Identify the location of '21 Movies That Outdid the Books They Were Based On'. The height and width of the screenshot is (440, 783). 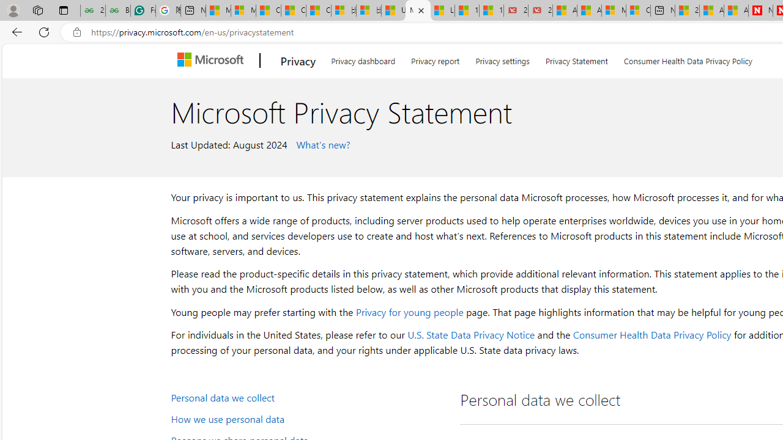
(540, 10).